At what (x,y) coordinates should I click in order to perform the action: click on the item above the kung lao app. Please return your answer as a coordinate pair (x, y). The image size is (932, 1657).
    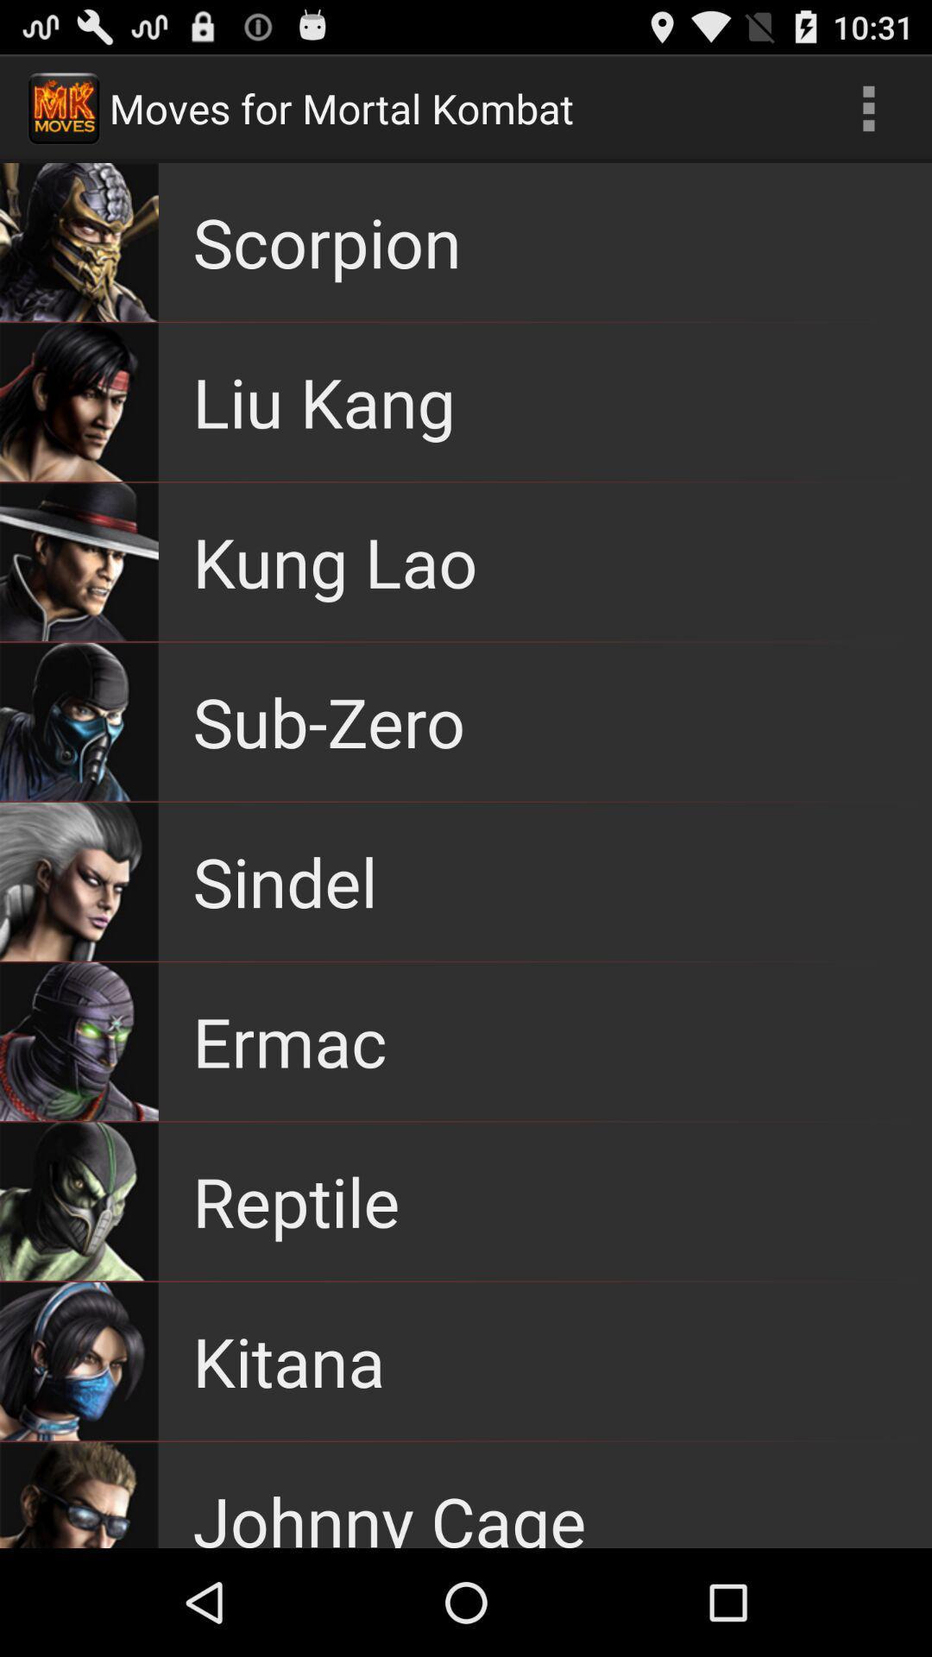
    Looking at the image, I should click on (324, 400).